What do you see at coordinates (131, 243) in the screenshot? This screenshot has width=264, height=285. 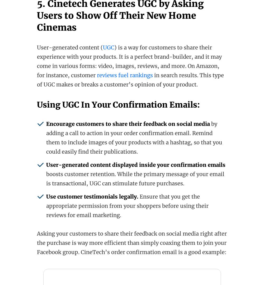 I see `'Asking your customers to share their feedback on social media right after the purchase is way more efficient than simply coaxing them to join your Facebook group. CineTech’s order confirmation email is a good example:'` at bounding box center [131, 243].